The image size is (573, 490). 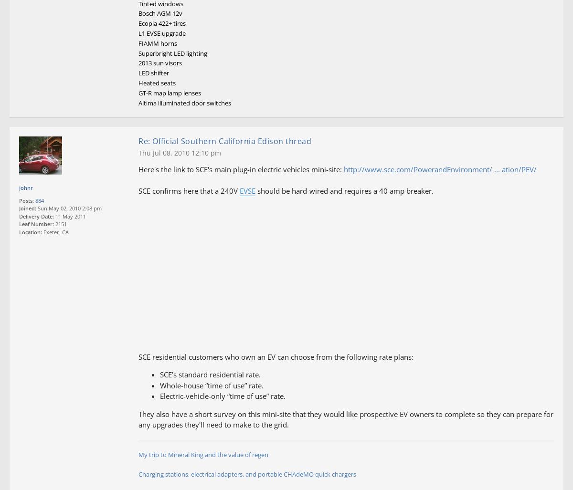 What do you see at coordinates (138, 152) in the screenshot?
I see `'Thu Jul 08, 2010 12:10 pm'` at bounding box center [138, 152].